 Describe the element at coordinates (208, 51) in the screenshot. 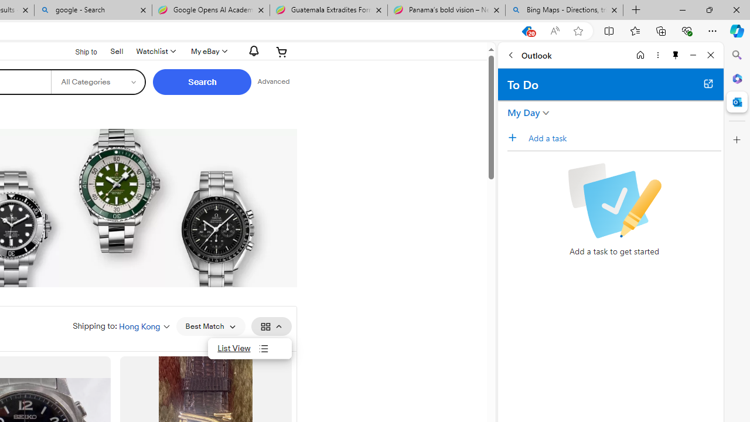

I see `'My eBay'` at that location.